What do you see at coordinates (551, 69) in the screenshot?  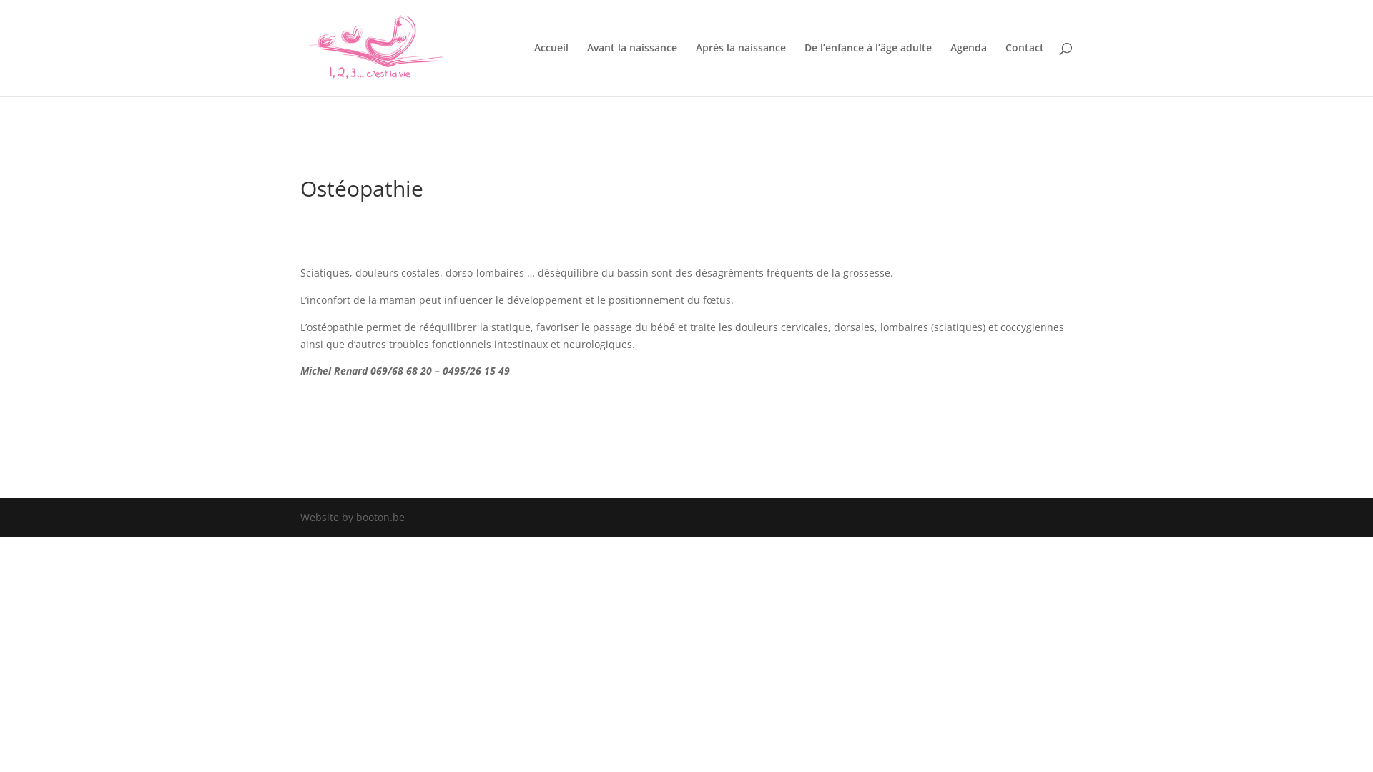 I see `'Accueil'` at bounding box center [551, 69].